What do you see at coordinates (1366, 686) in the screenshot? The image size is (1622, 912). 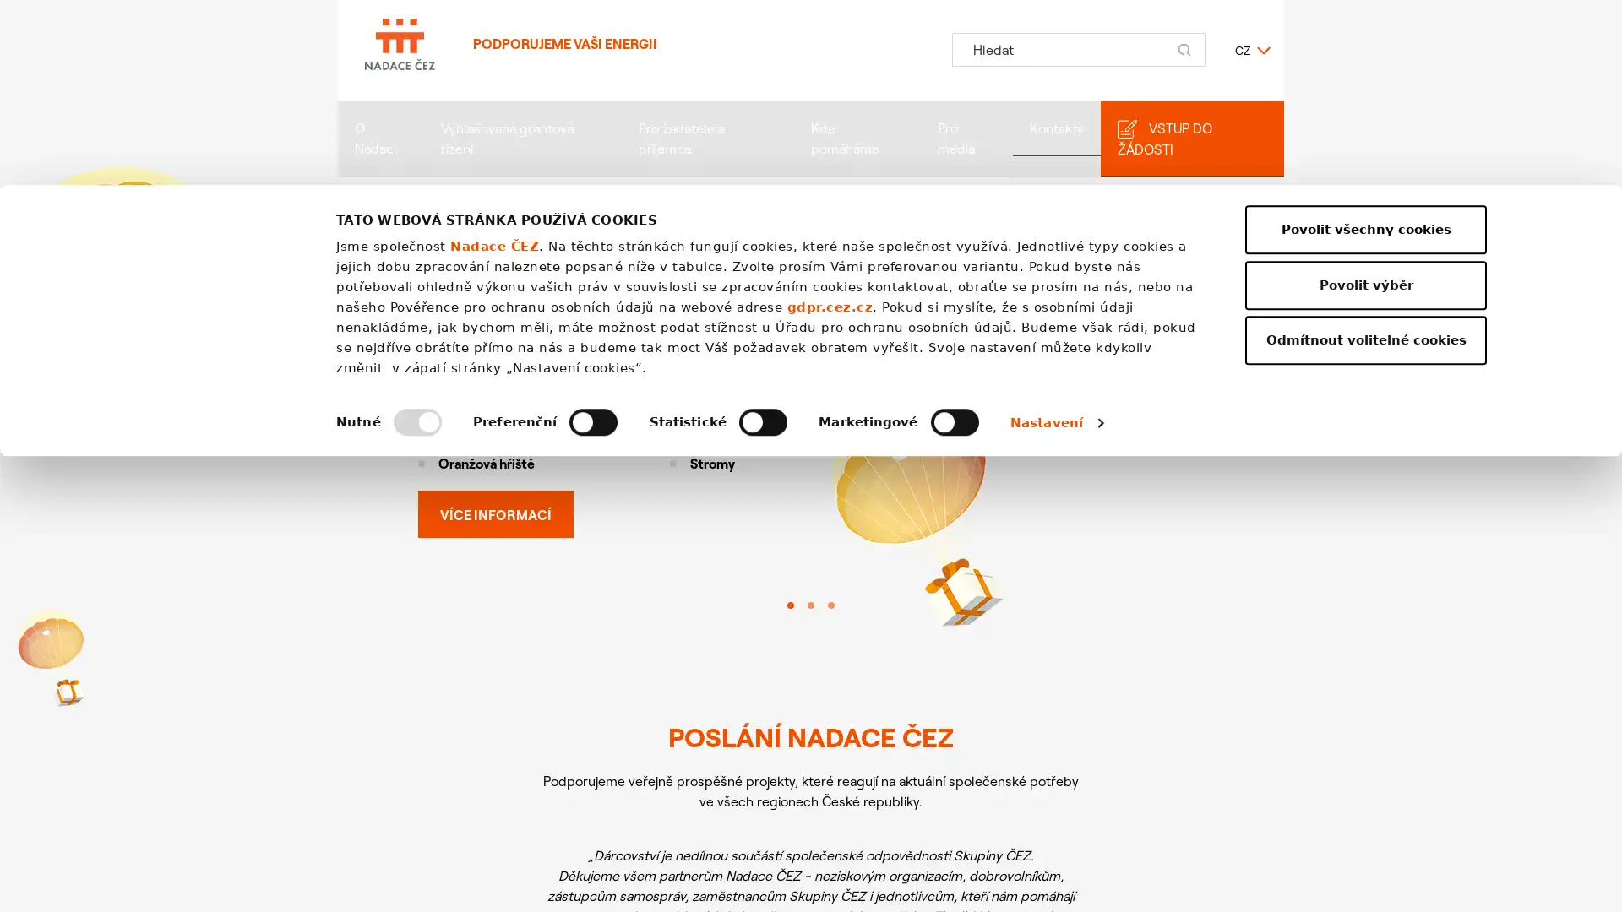 I see `Povolit vsechny cookies` at bounding box center [1366, 686].